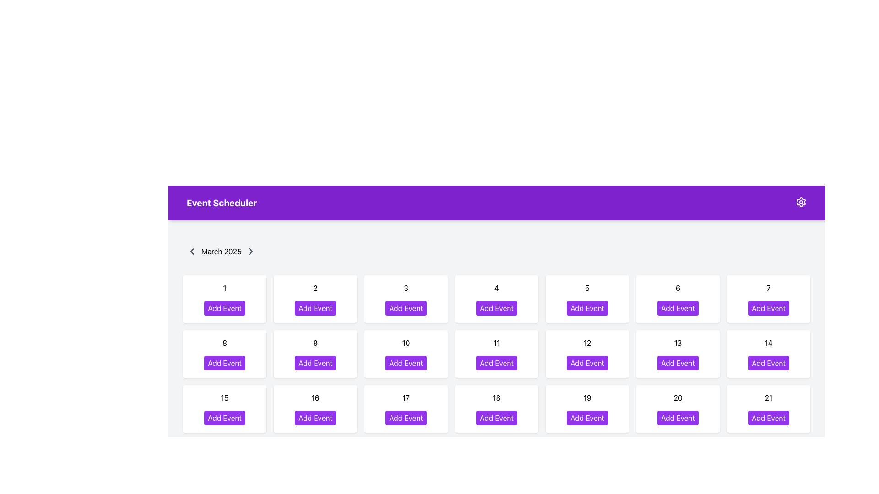  I want to click on the button, so click(406, 363).